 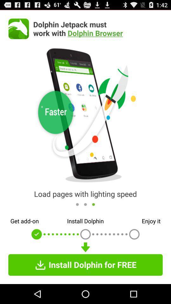 What do you see at coordinates (98, 28) in the screenshot?
I see `item at the top` at bounding box center [98, 28].